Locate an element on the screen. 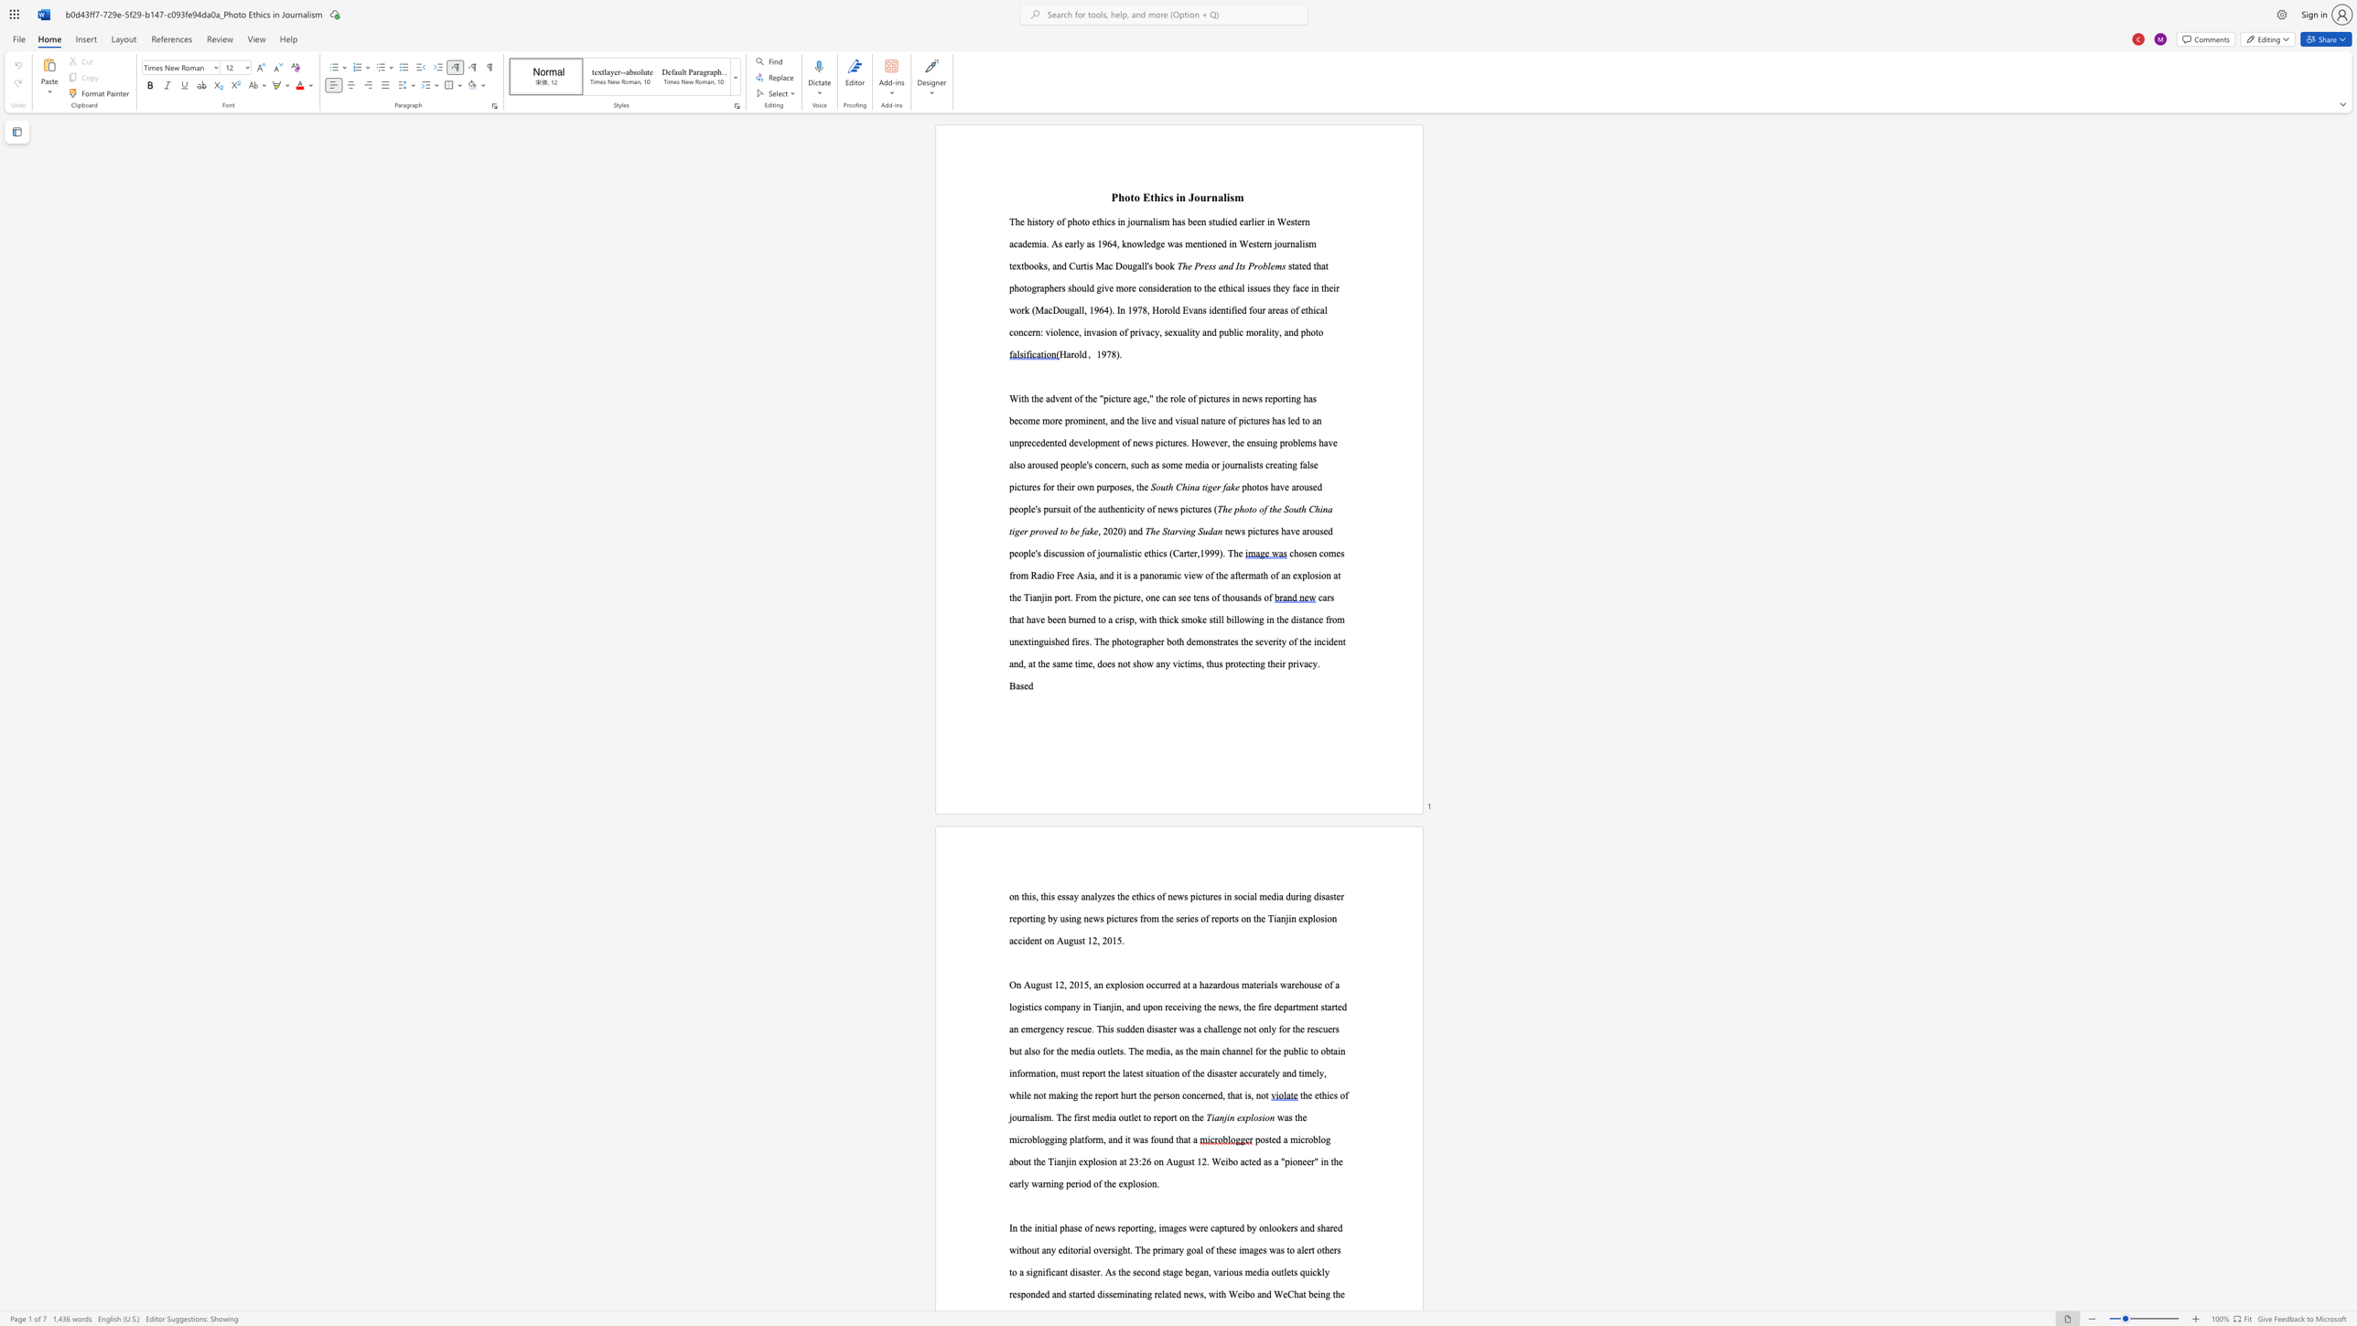 This screenshot has width=2357, height=1326. the 6th character "t" in the text is located at coordinates (1127, 1248).